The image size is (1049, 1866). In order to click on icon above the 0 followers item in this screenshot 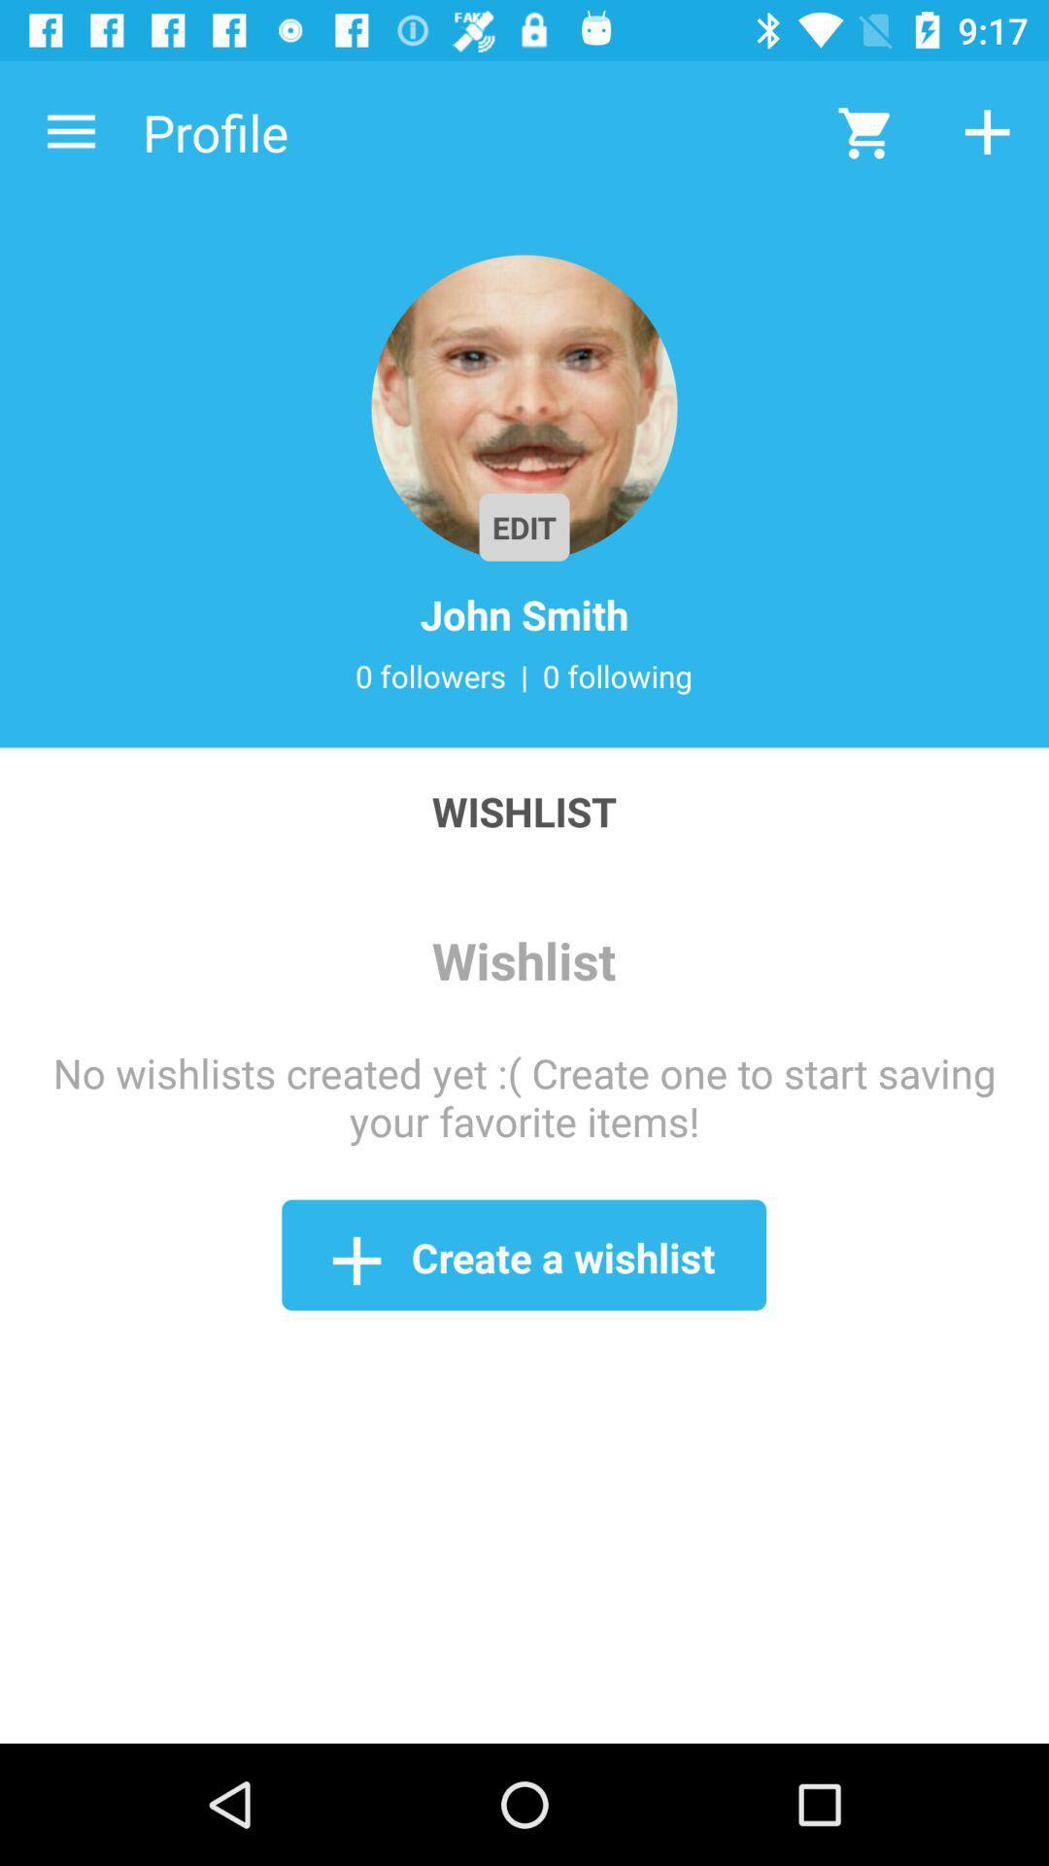, I will do `click(524, 613)`.